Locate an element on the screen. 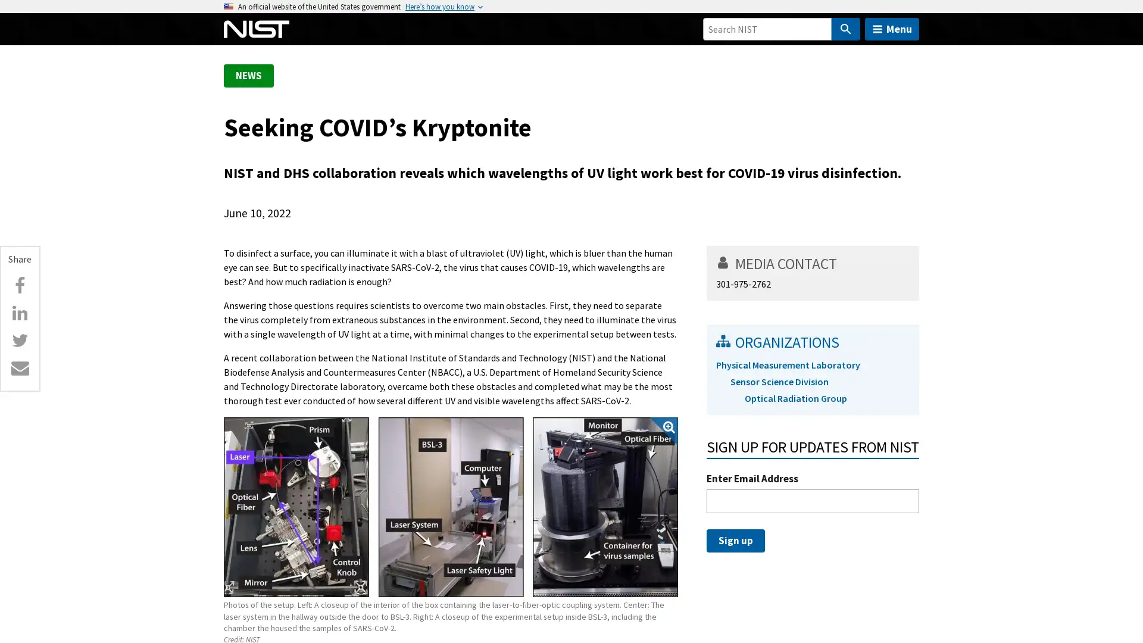 The width and height of the screenshot is (1143, 643). Sign up is located at coordinates (734, 540).